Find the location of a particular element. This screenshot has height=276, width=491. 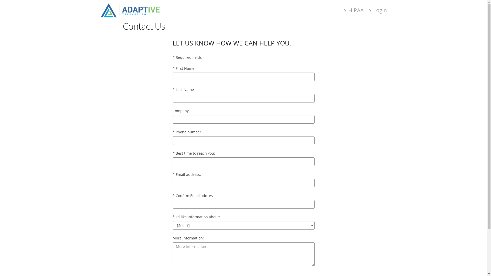

'Login' is located at coordinates (378, 10).